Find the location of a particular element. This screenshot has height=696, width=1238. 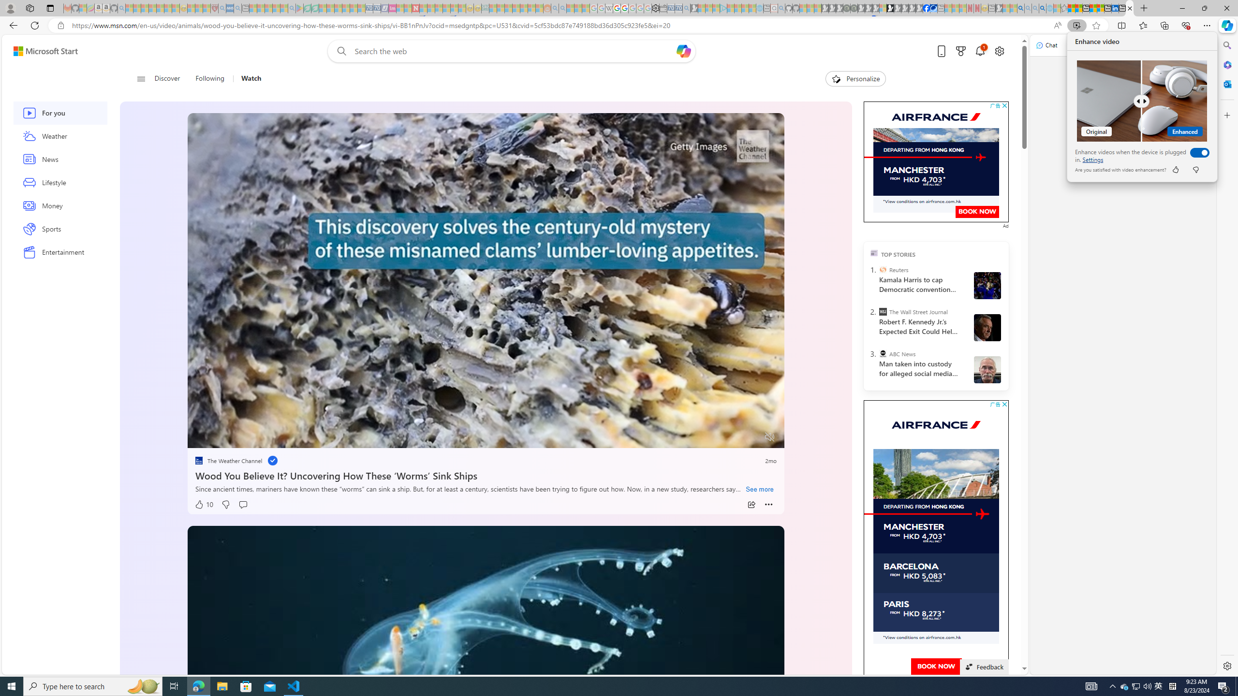

'Pets - MSN - Sleeping' is located at coordinates (276, 8).